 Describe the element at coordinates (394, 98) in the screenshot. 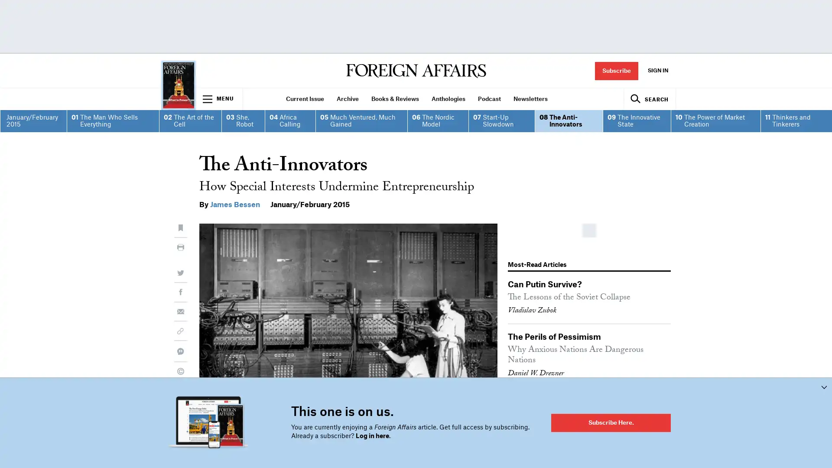

I see `Books & Reviews` at that location.